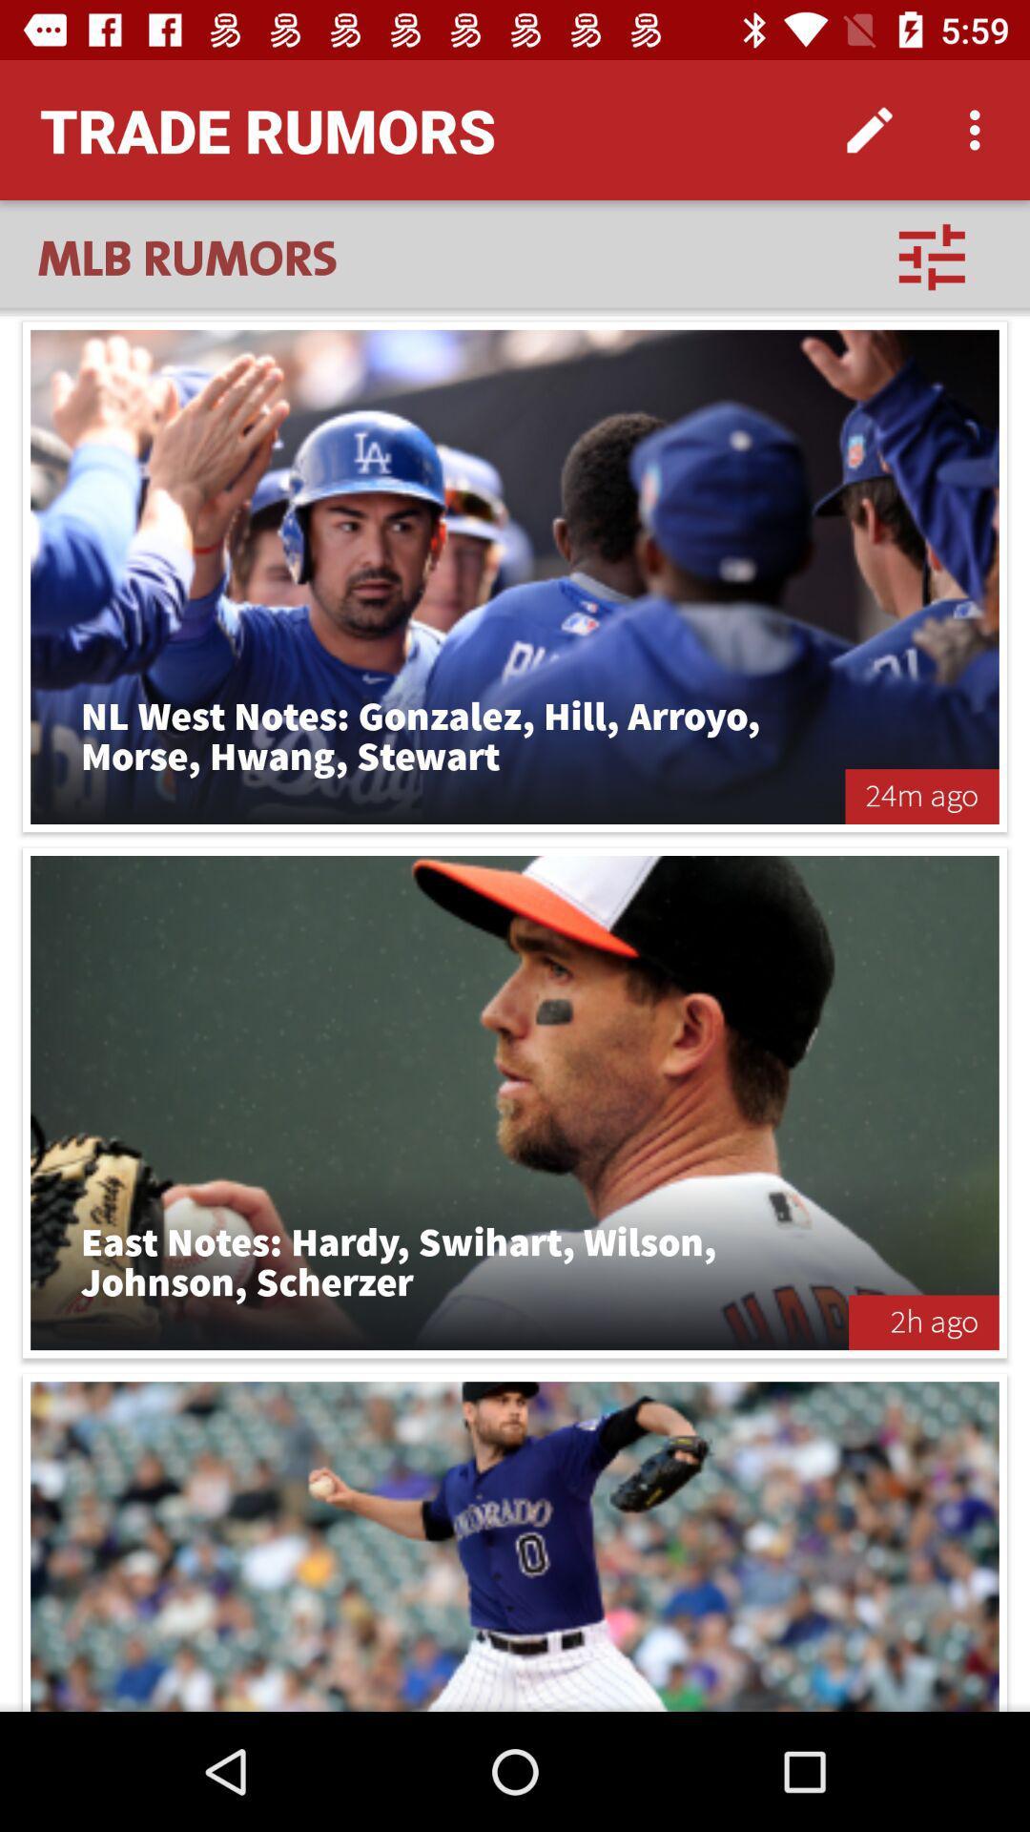  I want to click on the sliders icon, so click(931, 256).